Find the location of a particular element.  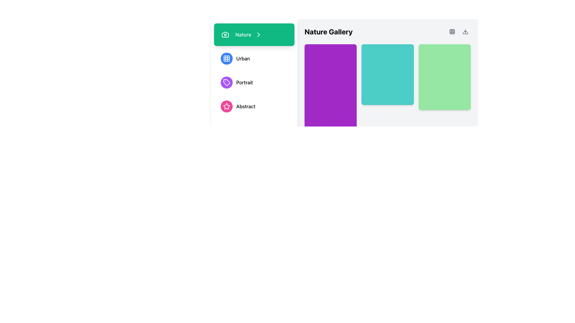

the third button in the vertical sidebar menu that allows access to the 'Portrait' category is located at coordinates (254, 83).